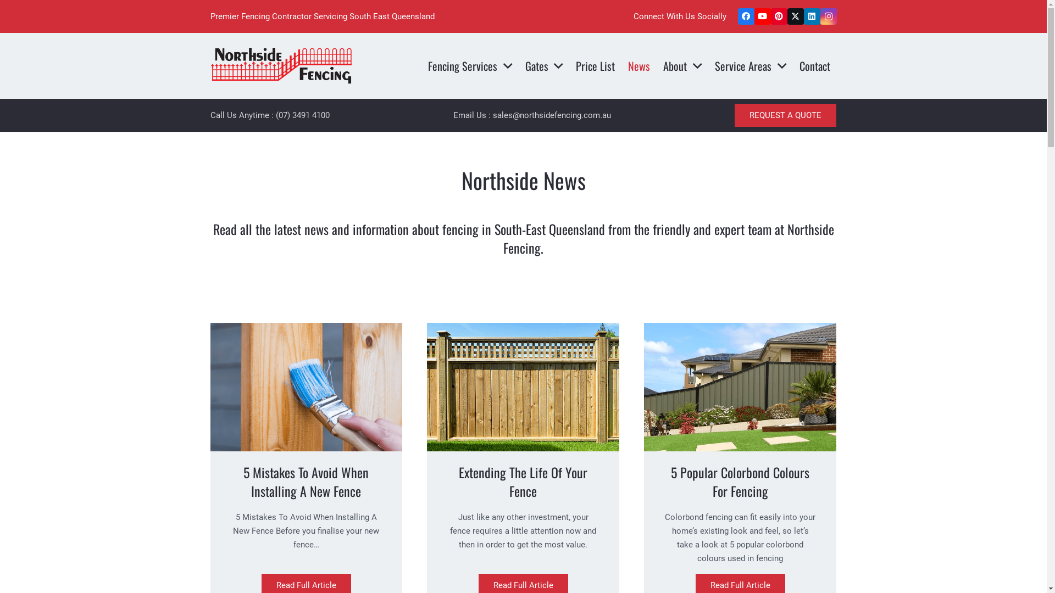 Image resolution: width=1055 pixels, height=593 pixels. What do you see at coordinates (544, 65) in the screenshot?
I see `'Gates'` at bounding box center [544, 65].